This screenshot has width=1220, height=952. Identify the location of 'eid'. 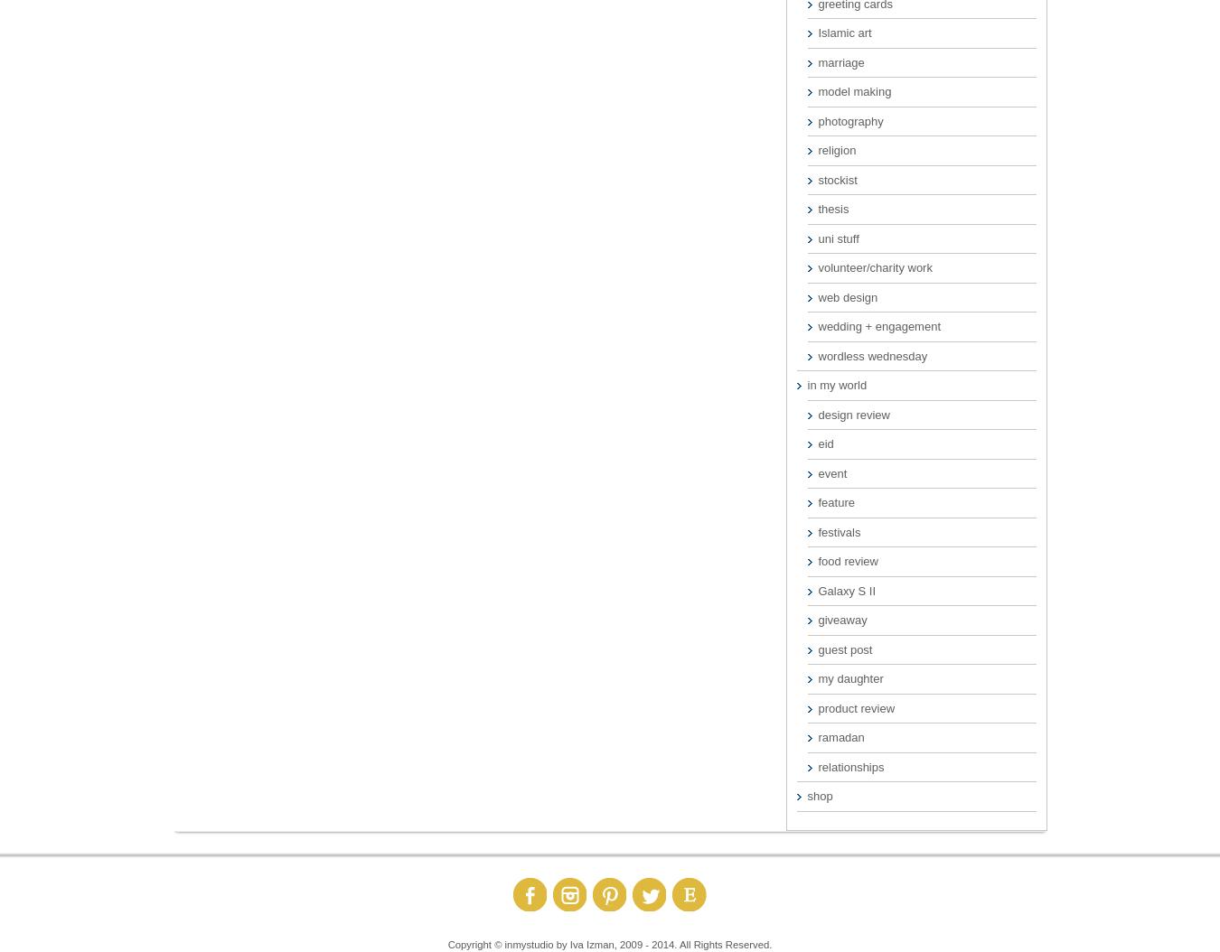
(817, 443).